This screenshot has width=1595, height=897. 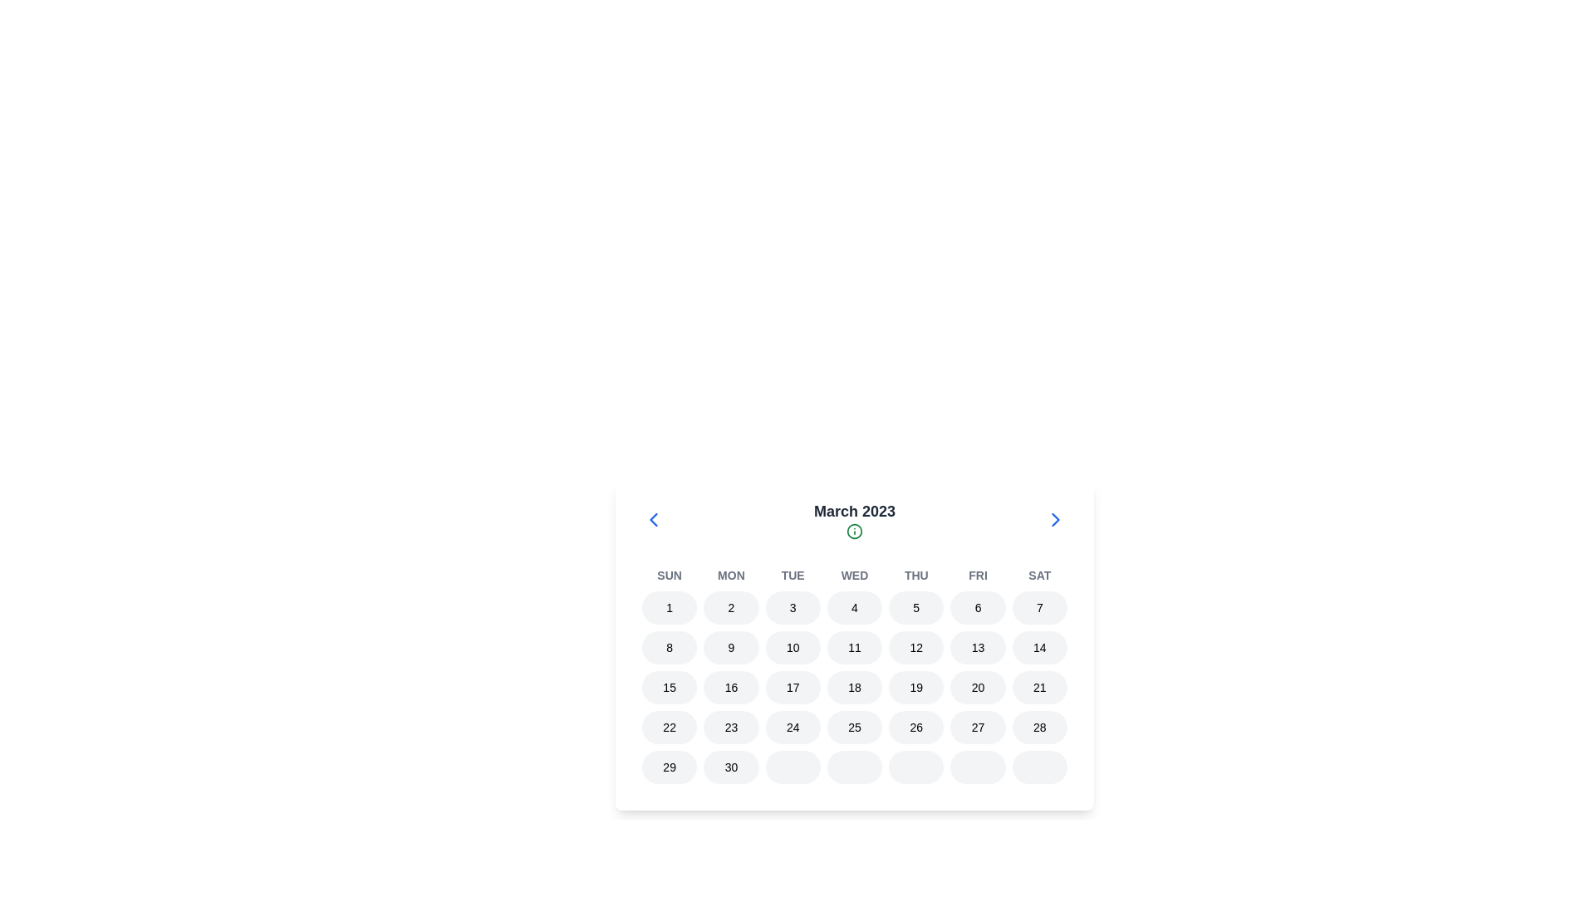 What do you see at coordinates (792, 646) in the screenshot?
I see `the small circular button with a light gray background displaying the number '10', which is part of the interactive calendar interface in the second row of the March 2023 calendar grid` at bounding box center [792, 646].